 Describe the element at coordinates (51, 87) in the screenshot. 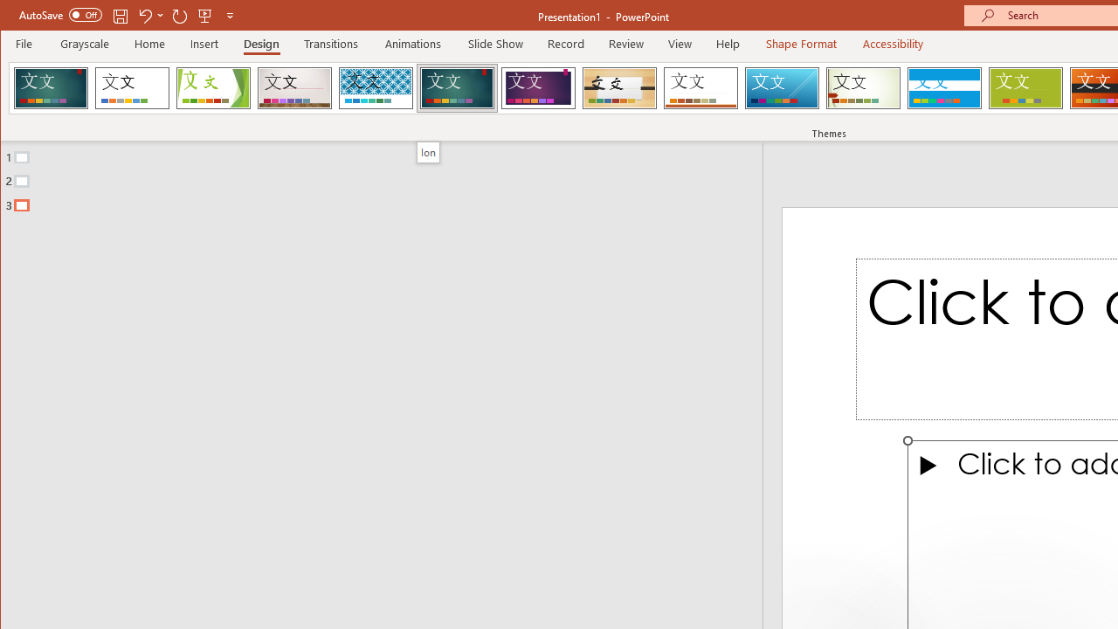

I see `'Dividend'` at that location.